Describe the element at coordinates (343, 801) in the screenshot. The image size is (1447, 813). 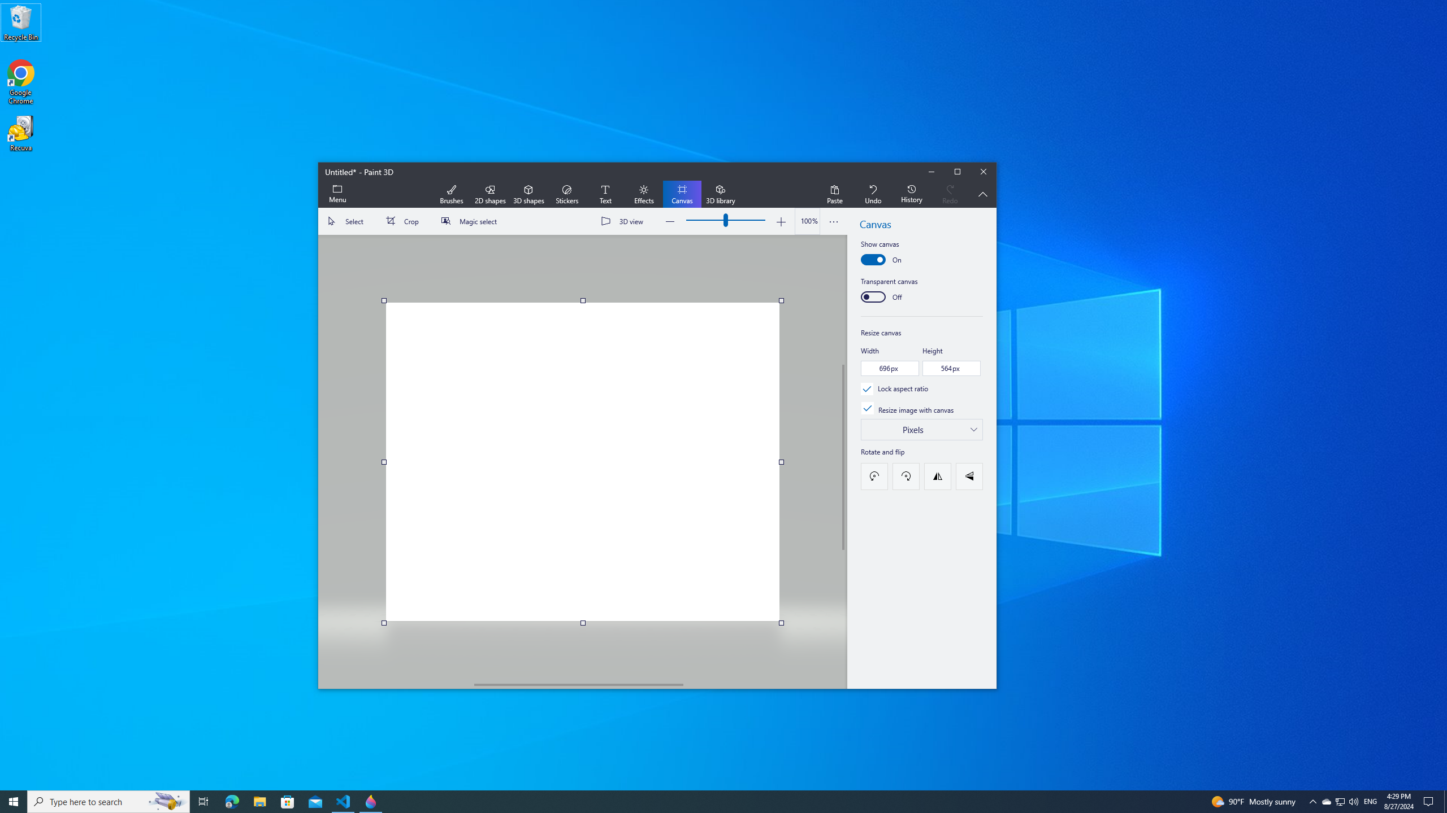
I see `'Visual Studio Code - 1 running window'` at that location.